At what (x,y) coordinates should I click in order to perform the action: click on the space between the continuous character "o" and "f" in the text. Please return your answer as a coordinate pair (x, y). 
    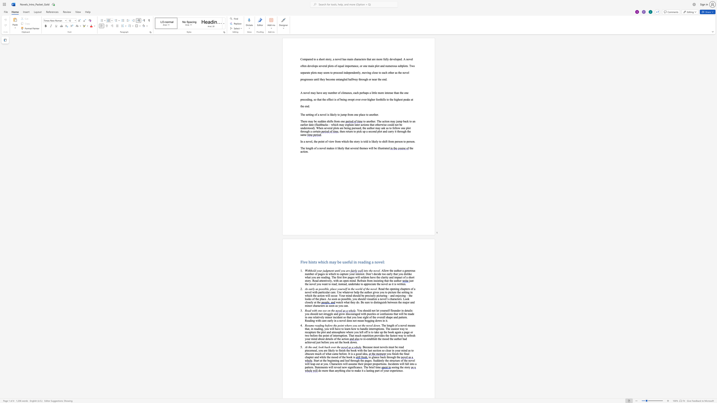
    Looking at the image, I should click on (335, 339).